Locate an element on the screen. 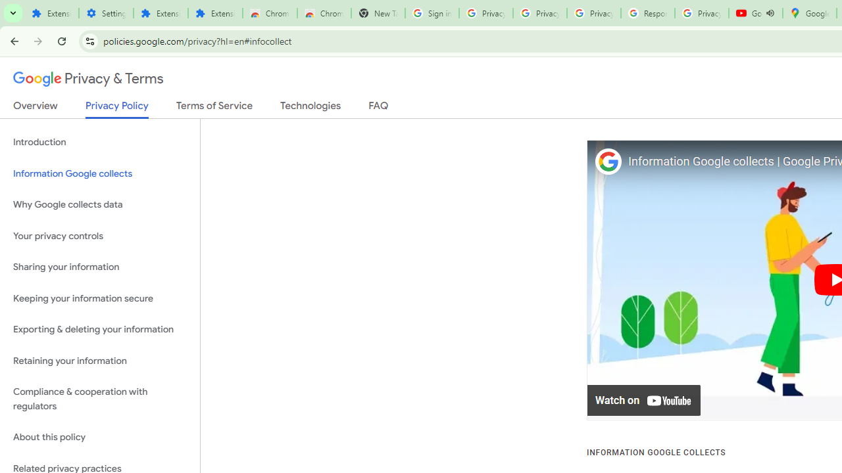  'Chrome Web Store - Themes' is located at coordinates (324, 13).